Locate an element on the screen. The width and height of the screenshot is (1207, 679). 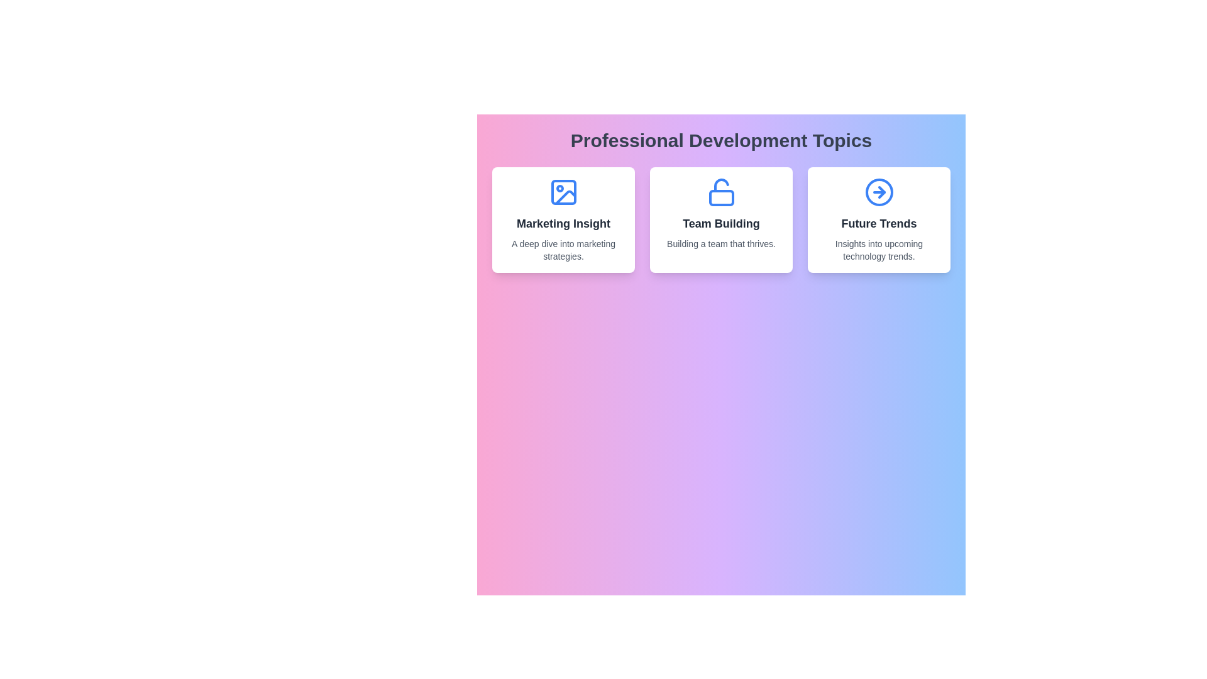
the card representing Marketing Insight is located at coordinates (563, 219).